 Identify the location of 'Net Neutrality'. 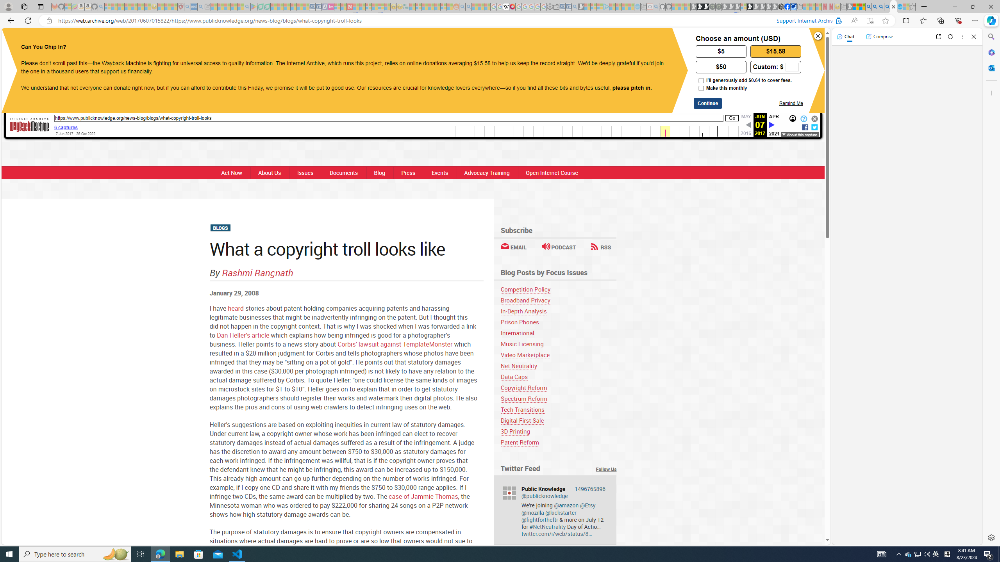
(519, 366).